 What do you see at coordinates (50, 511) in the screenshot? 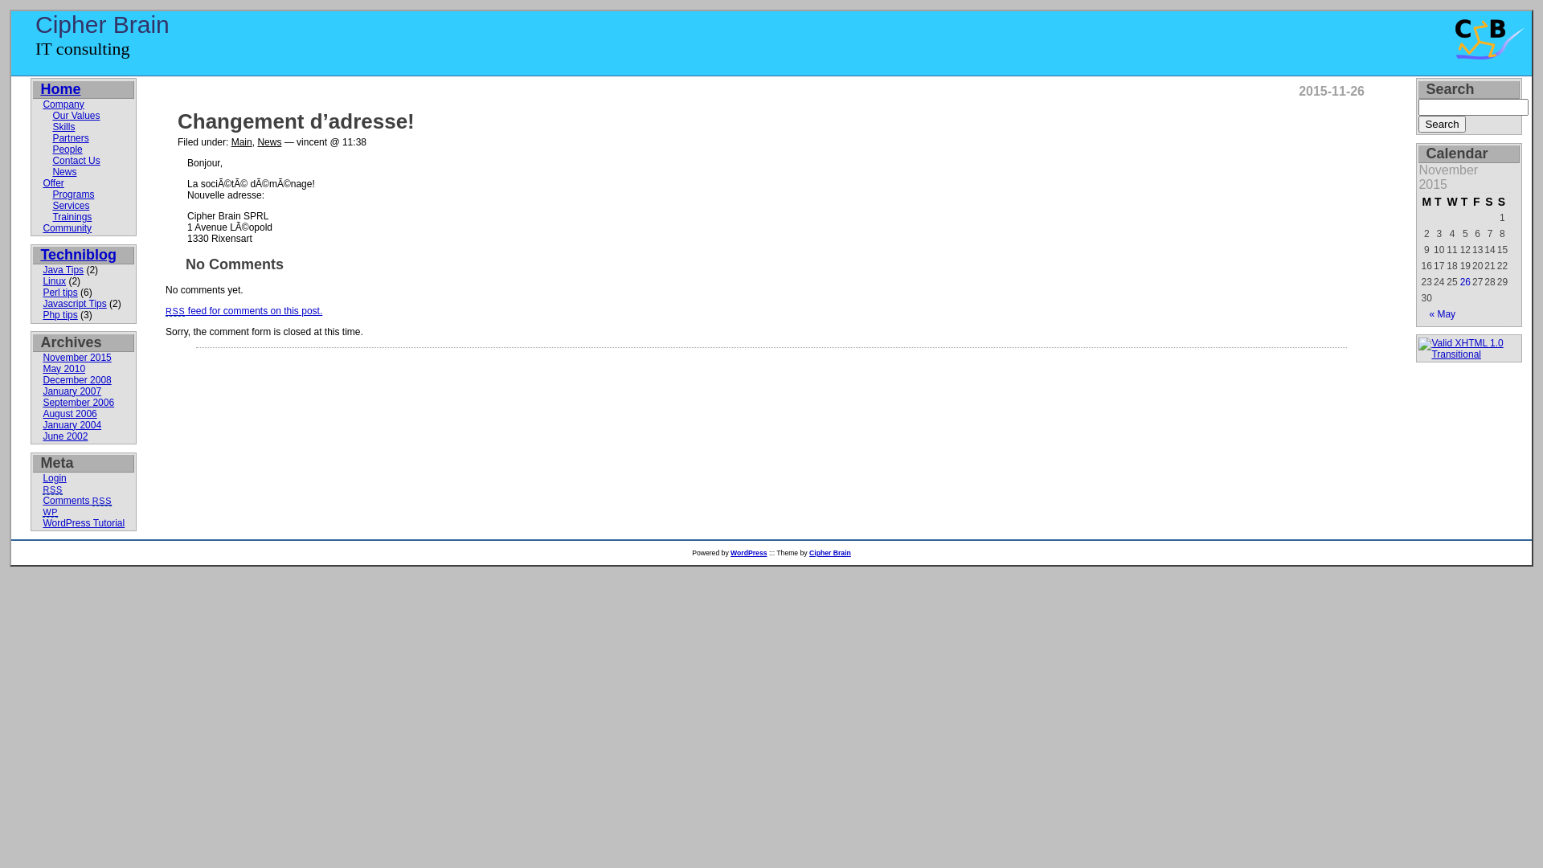
I see `'WP'` at bounding box center [50, 511].